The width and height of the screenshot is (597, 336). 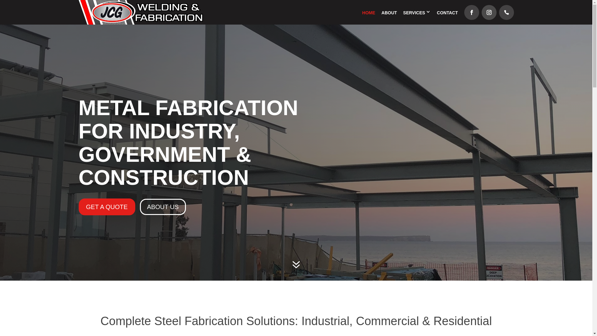 What do you see at coordinates (488, 12) in the screenshot?
I see `'Follow on Instagram'` at bounding box center [488, 12].